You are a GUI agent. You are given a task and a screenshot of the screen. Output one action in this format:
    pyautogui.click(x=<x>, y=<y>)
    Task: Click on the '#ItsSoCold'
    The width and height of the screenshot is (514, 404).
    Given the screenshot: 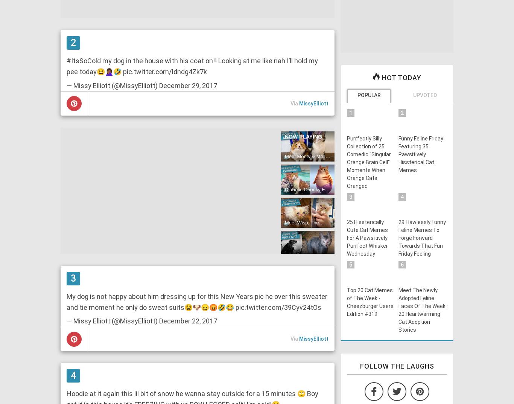 What is the action you would take?
    pyautogui.click(x=66, y=60)
    